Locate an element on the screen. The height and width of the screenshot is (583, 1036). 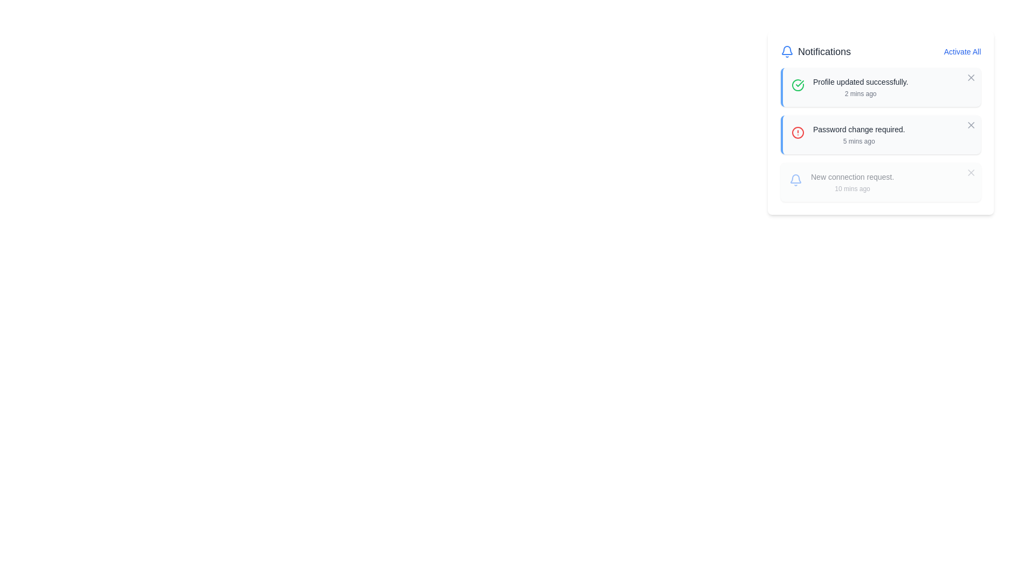
the 'Notifications' text label, which is styled in bold dark gray font and preceded by a blue bell icon, located at the top-left corner of the notification panel is located at coordinates (816, 52).